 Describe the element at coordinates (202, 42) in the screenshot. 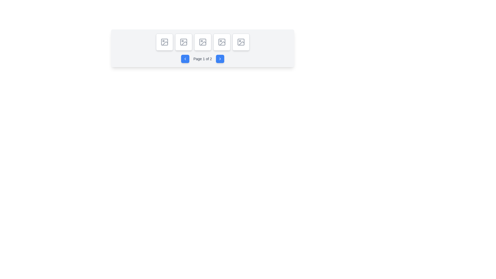

I see `the image placeholder or icon button located in the fourth position from the left in a row of similar elements` at that location.